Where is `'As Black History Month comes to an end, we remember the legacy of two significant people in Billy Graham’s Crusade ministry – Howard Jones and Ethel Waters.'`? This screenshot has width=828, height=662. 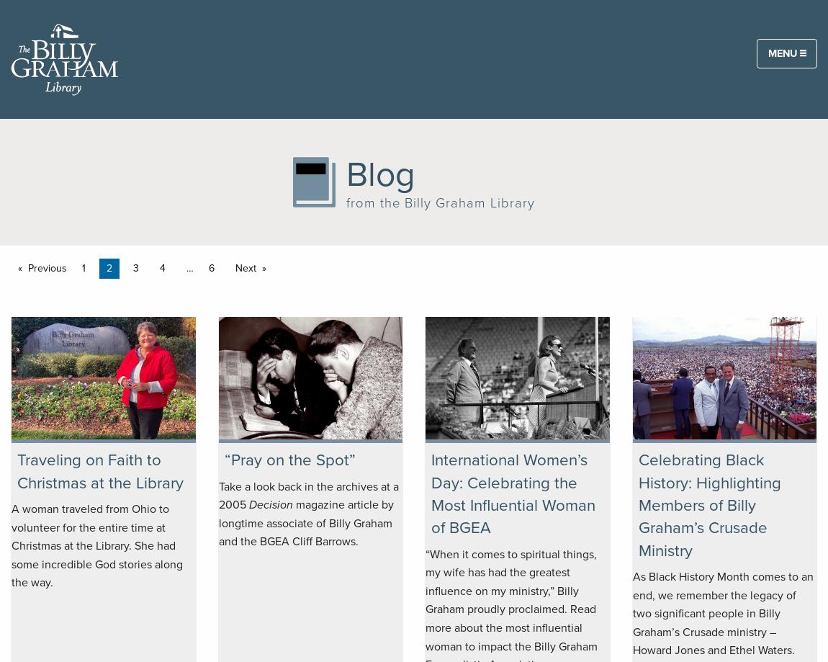 'As Black History Month comes to an end, we remember the legacy of two significant people in Billy Graham’s Crusade ministry – Howard Jones and Ethel Waters.' is located at coordinates (722, 612).